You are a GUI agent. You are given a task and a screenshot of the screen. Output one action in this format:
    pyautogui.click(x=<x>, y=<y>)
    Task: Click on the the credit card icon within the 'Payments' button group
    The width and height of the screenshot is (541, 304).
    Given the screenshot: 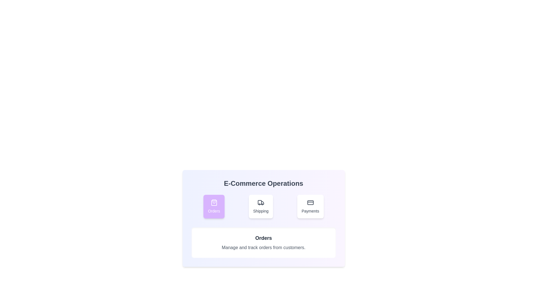 What is the action you would take?
    pyautogui.click(x=310, y=203)
    